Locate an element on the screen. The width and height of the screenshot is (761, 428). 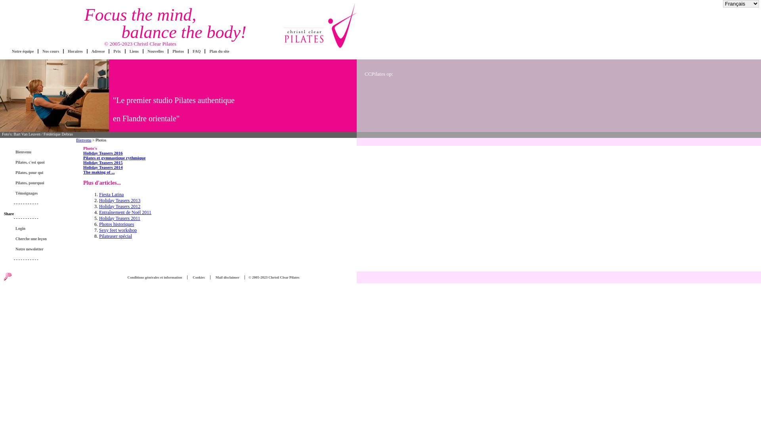
'Holiday Teasers 2013' is located at coordinates (98, 200).